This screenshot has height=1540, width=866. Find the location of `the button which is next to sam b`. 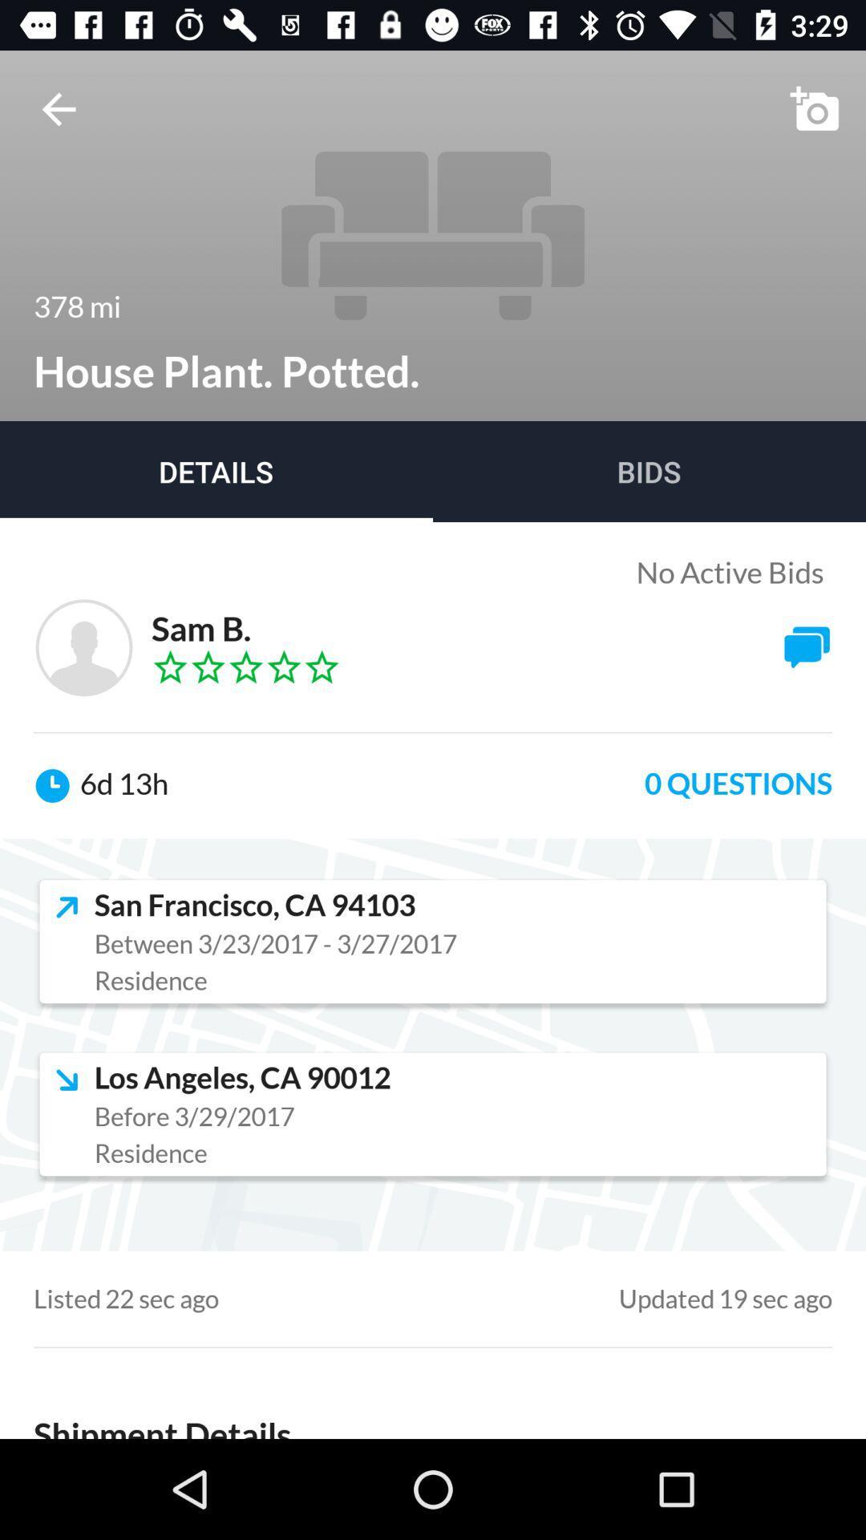

the button which is next to sam b is located at coordinates (807, 647).